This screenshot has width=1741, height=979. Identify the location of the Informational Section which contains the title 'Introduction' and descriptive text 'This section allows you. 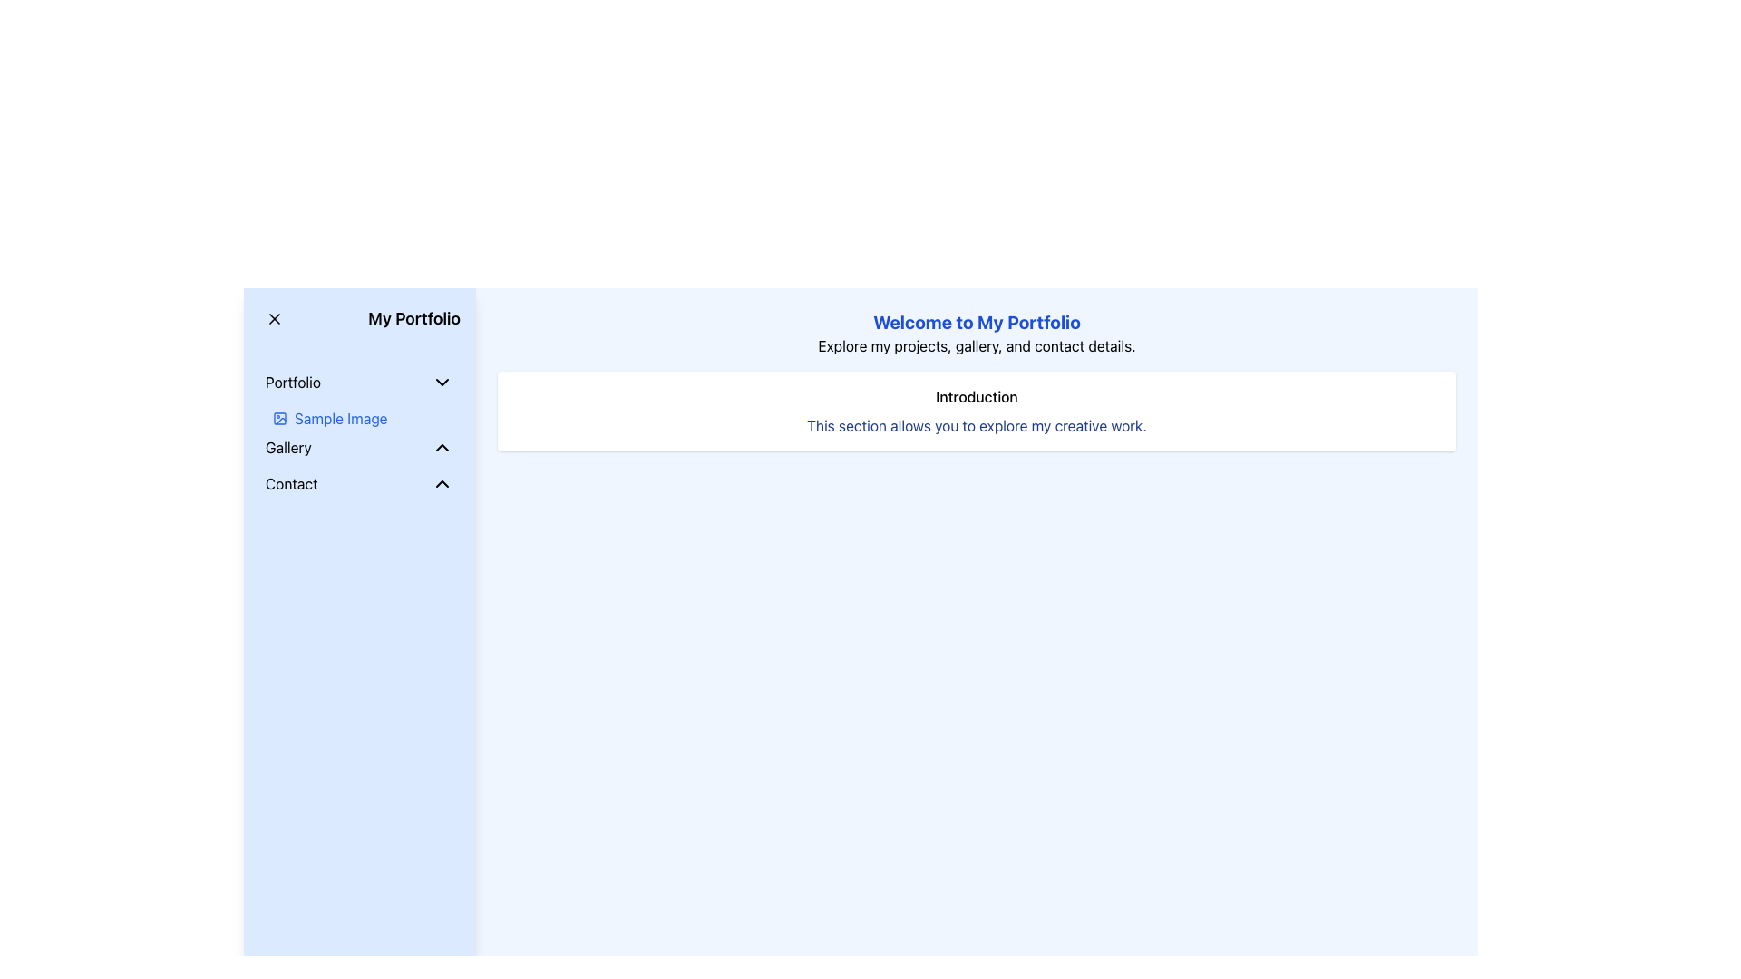
(976, 412).